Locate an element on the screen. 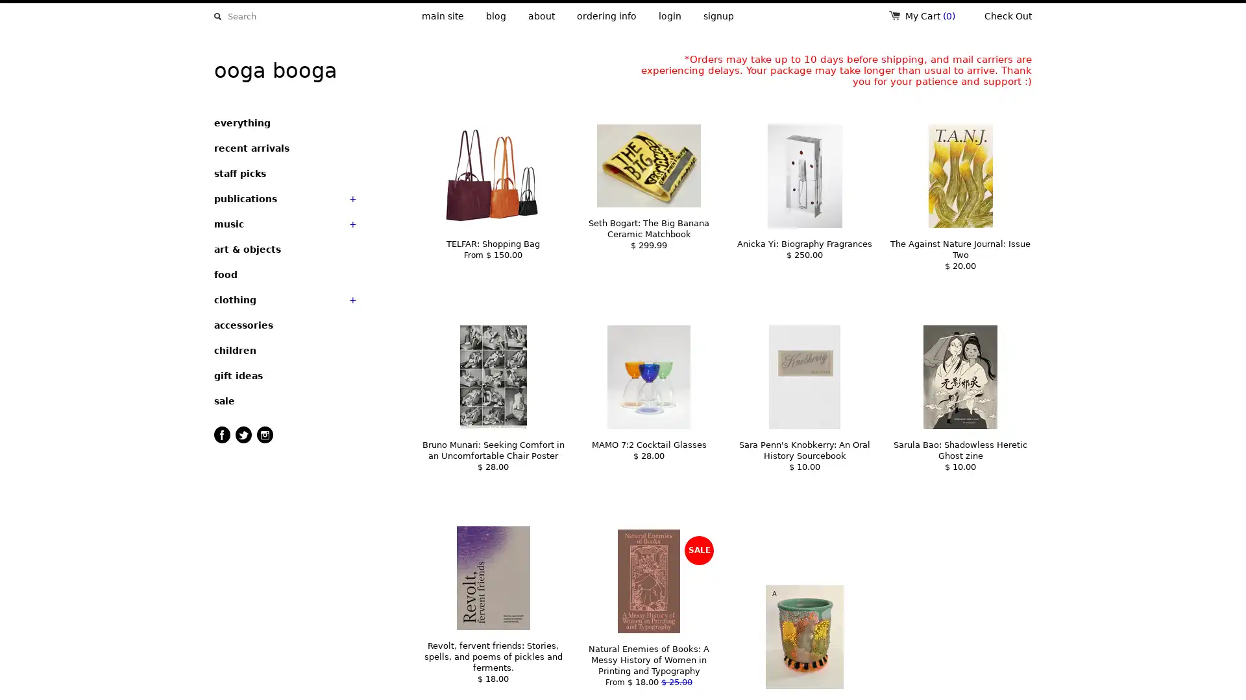 This screenshot has height=700, width=1246. SUBMIT is located at coordinates (217, 16).